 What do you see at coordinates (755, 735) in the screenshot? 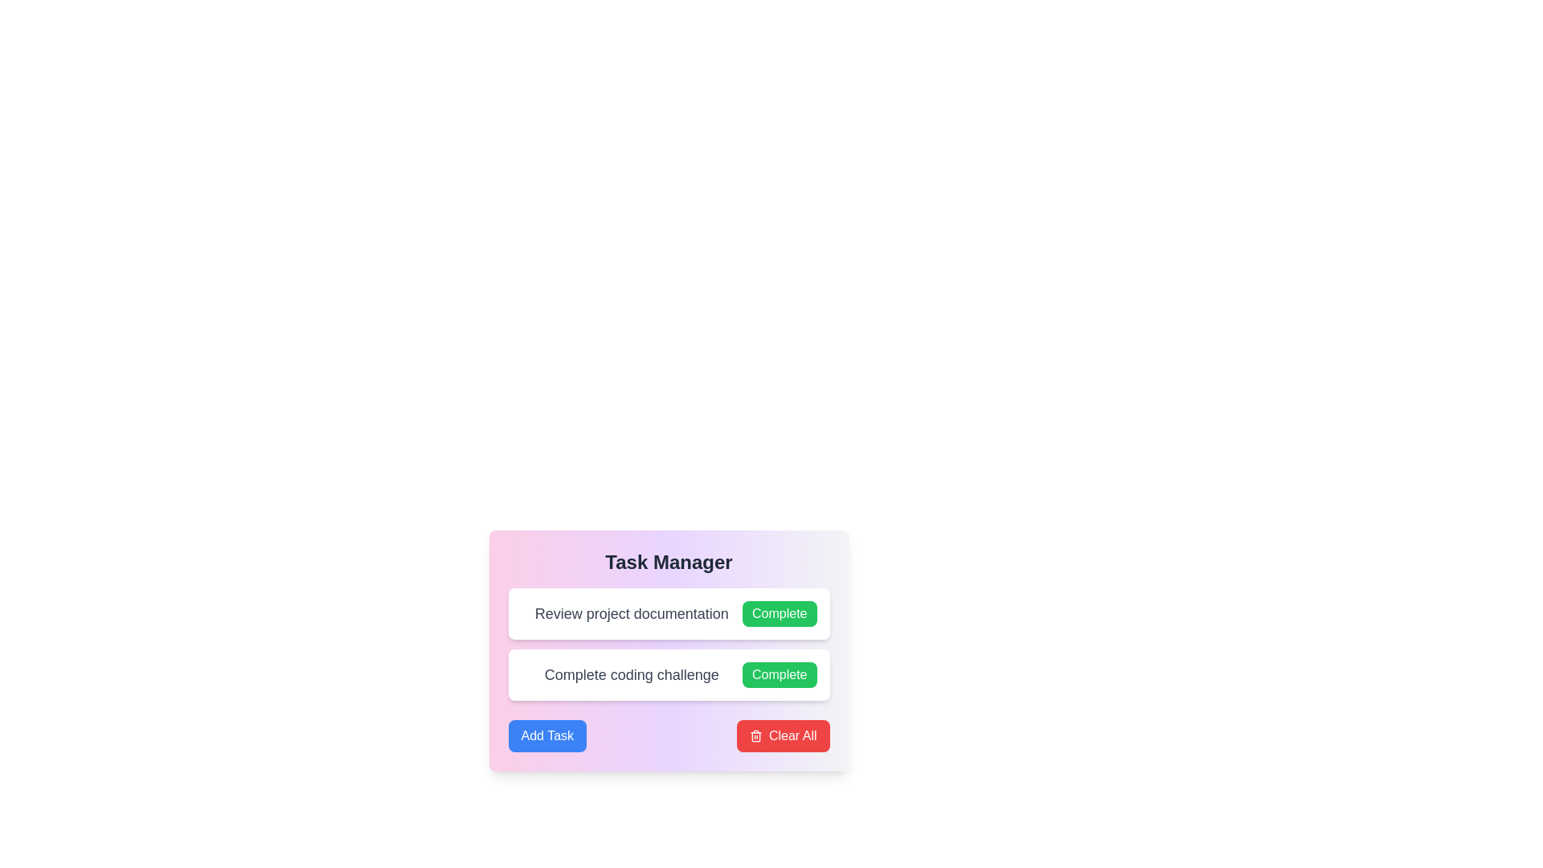
I see `the trash icon that represents the 'Clear All' function located in the bottom-right corner of the task manager card` at bounding box center [755, 735].